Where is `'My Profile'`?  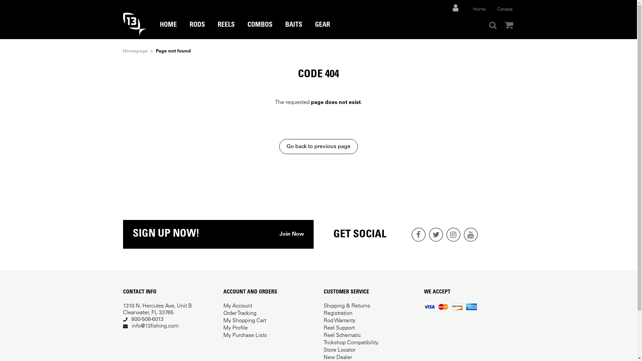 'My Profile' is located at coordinates (235, 328).